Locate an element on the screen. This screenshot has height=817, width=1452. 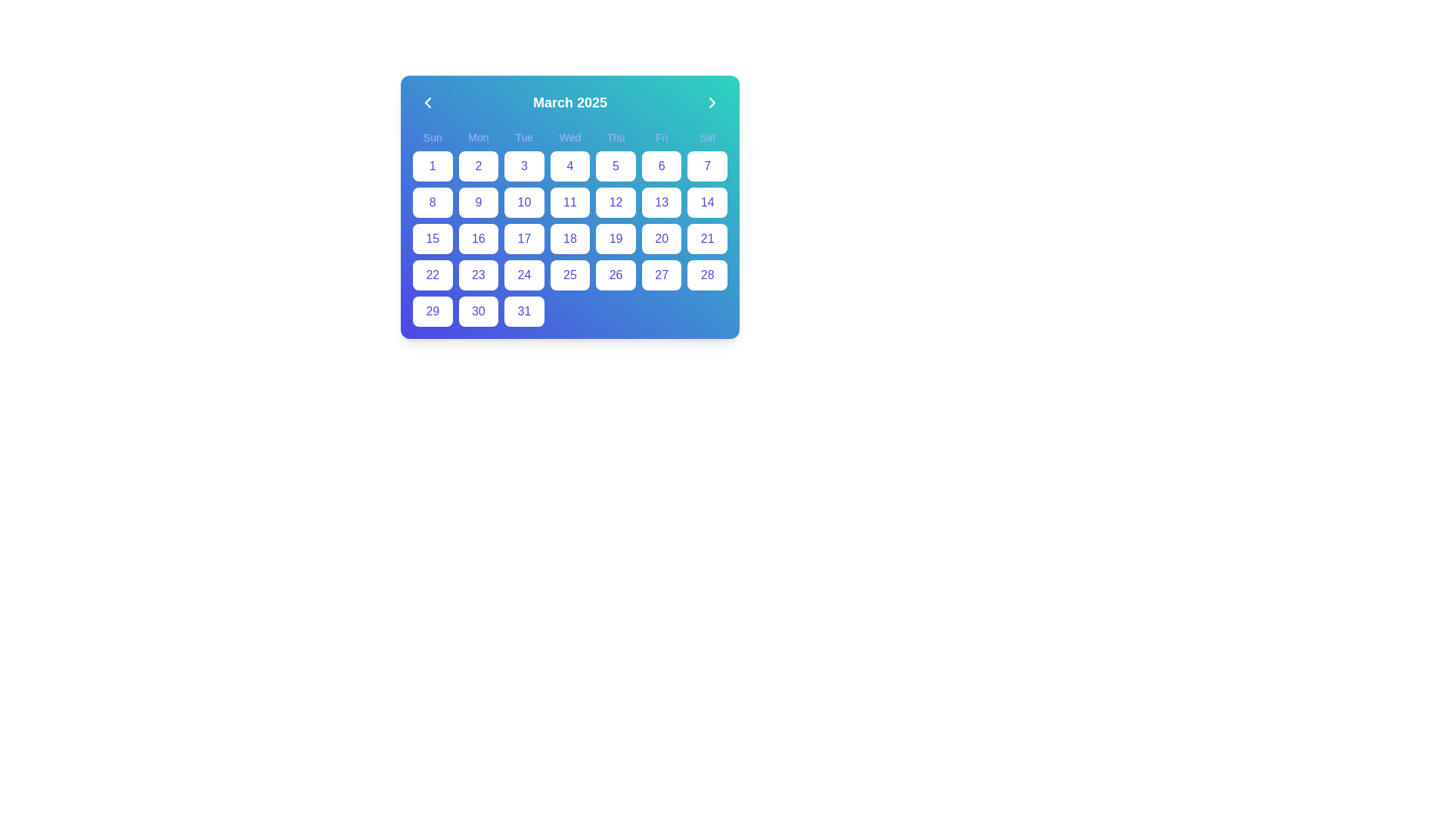
the Text Label representing 'Sat' in the calendar header, located in the 7th column of the grid layout is located at coordinates (706, 137).